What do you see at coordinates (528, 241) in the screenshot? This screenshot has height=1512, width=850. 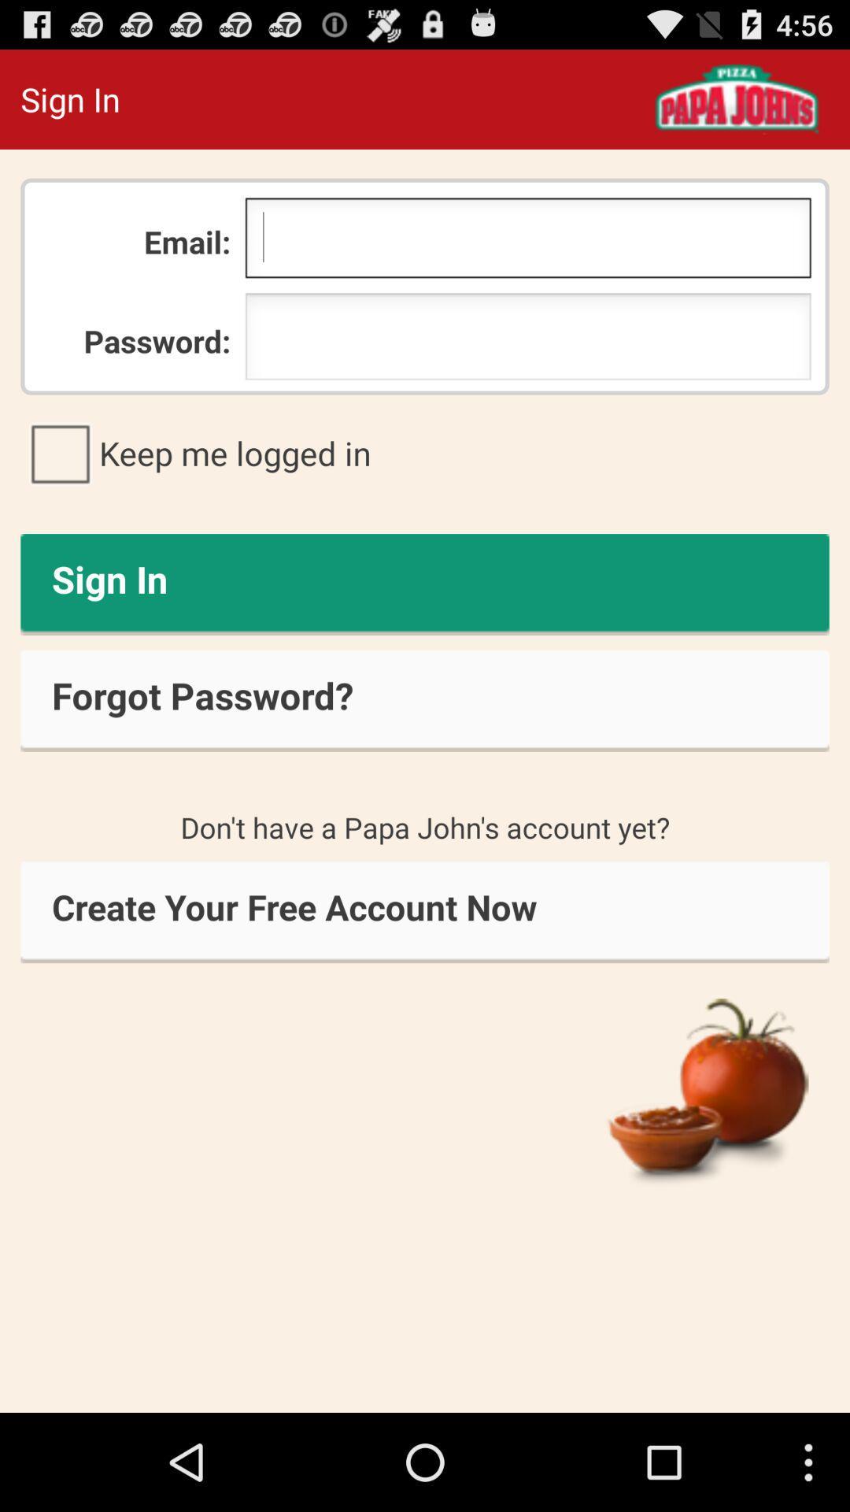 I see `item to the right of the email: item` at bounding box center [528, 241].